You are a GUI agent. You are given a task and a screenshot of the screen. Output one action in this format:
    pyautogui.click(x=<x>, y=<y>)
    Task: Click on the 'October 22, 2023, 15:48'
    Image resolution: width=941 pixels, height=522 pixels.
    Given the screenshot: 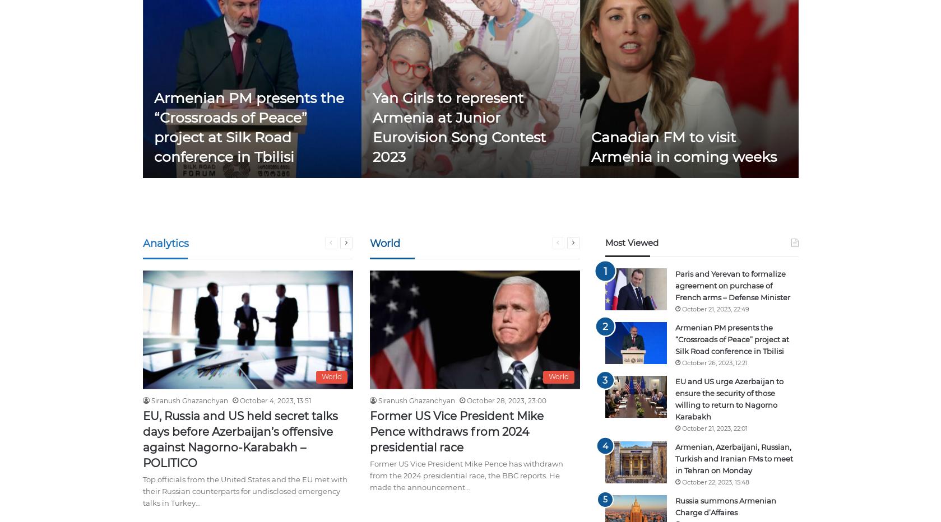 What is the action you would take?
    pyautogui.click(x=715, y=481)
    